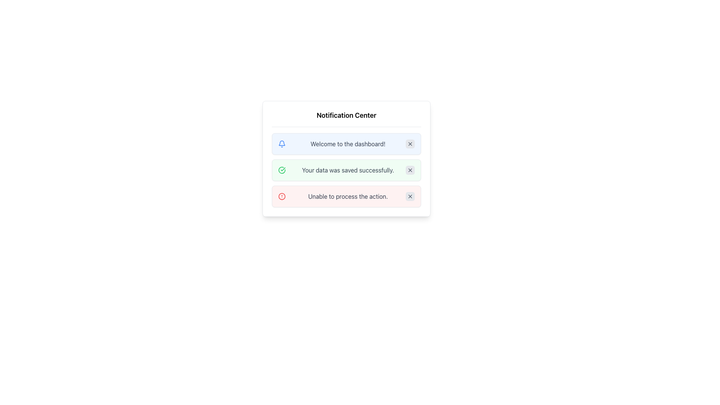 The image size is (720, 405). I want to click on the error icon located in the bottom notification of the notification list, which is positioned to the left of the text 'Unable to process the action.', so click(282, 196).